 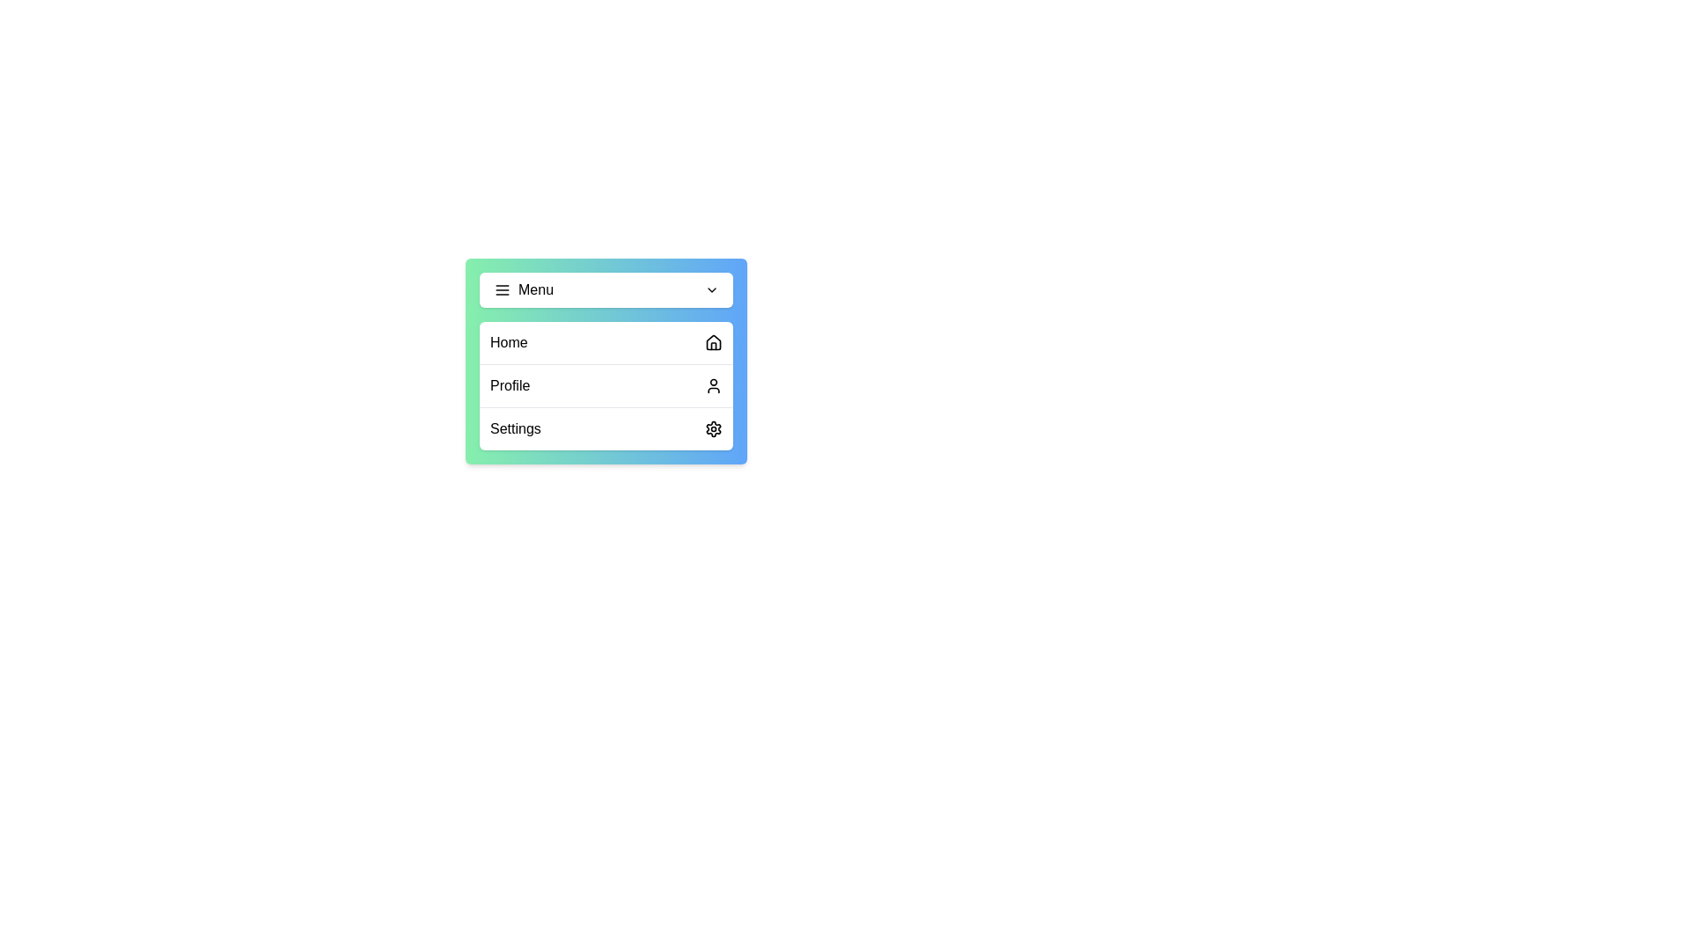 I want to click on the menu item Settings to observe its hover effect, so click(x=606, y=428).